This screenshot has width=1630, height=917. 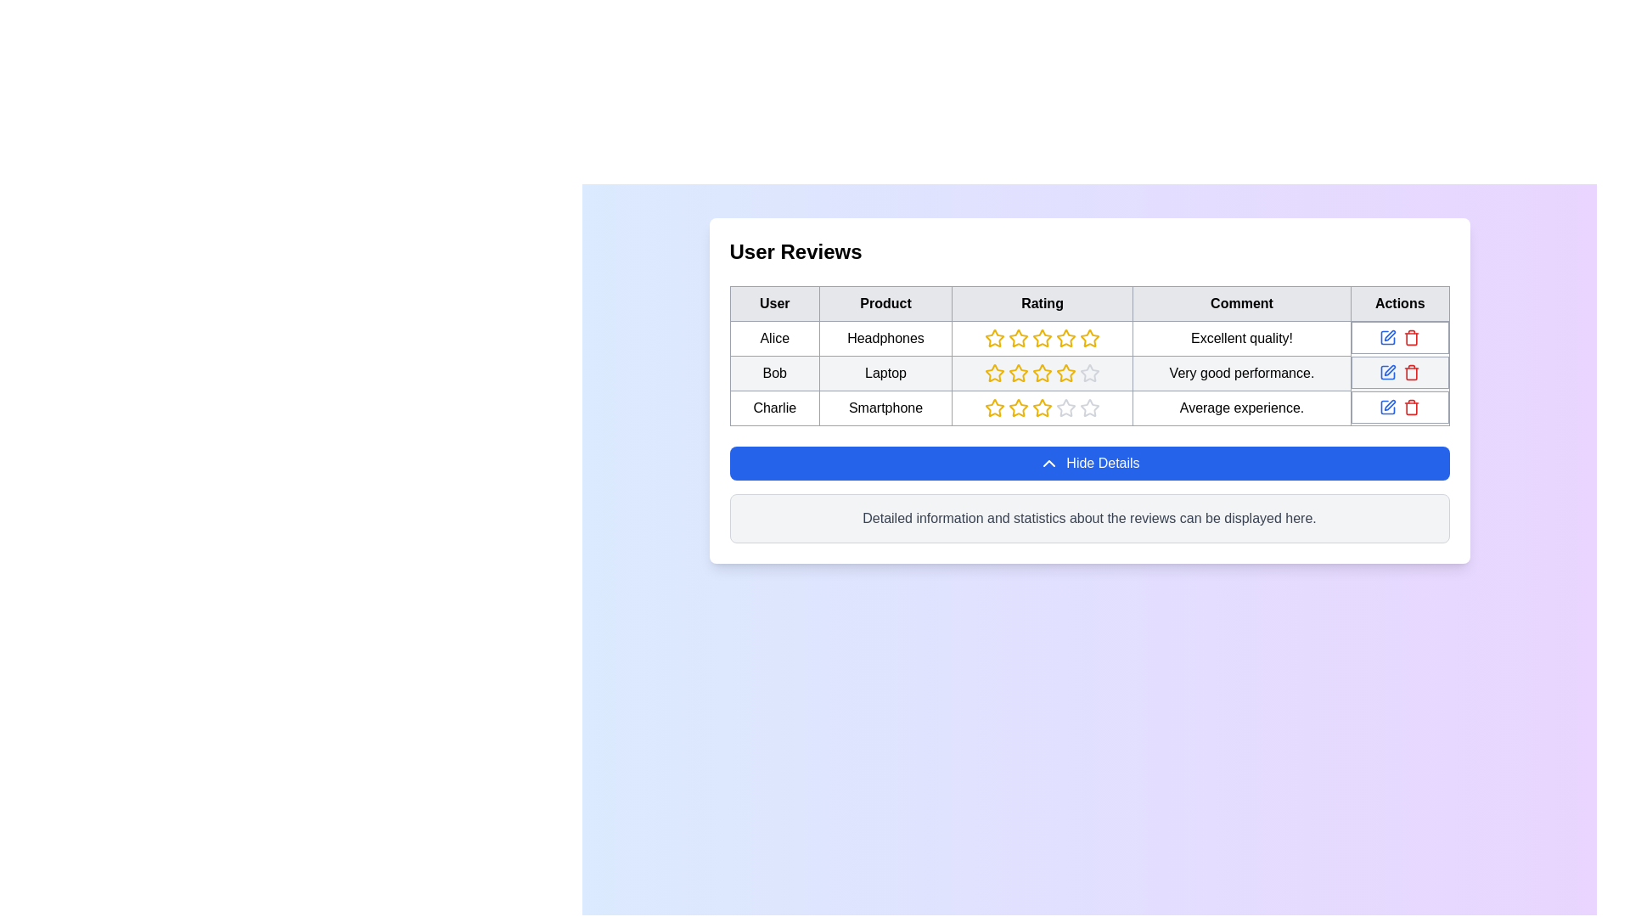 I want to click on text label displaying 'Excellent quality!' located in the 'Comment' column of the 'User Reviews' table for the user 'Alice' regarding 'Headphones', so click(x=1242, y=338).